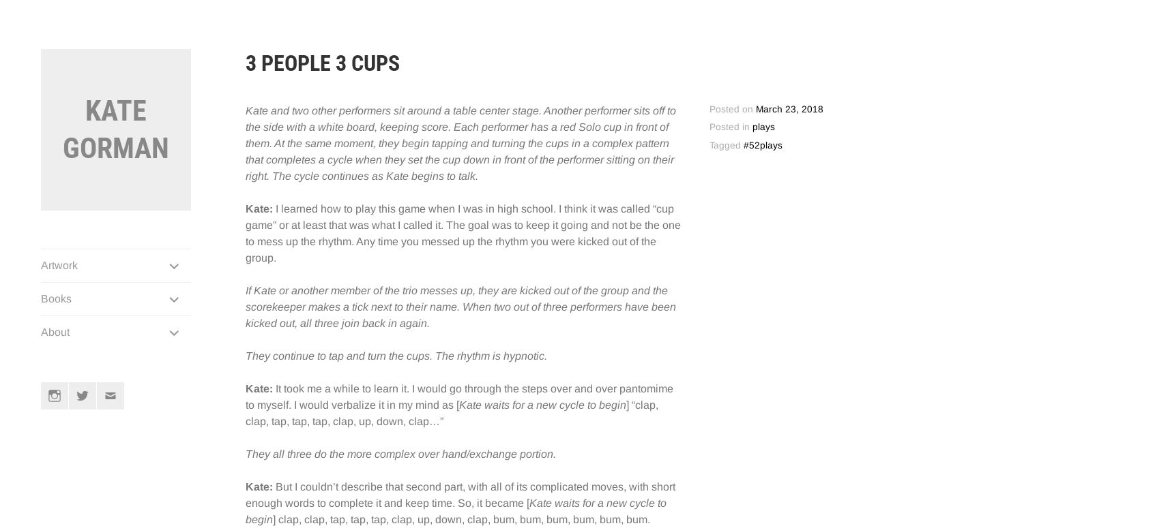 The image size is (1170, 528). Describe the element at coordinates (708, 144) in the screenshot. I see `'Tagged'` at that location.